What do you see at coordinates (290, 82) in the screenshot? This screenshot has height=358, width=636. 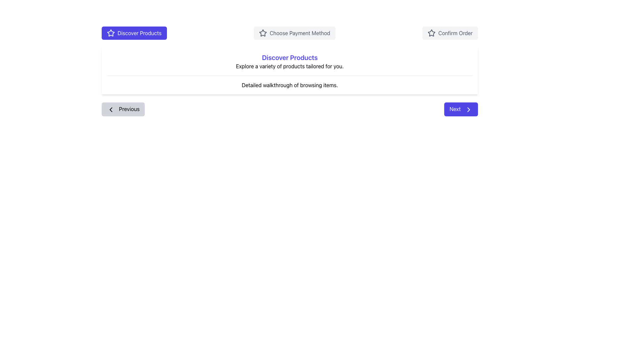 I see `the descriptive text display located below the 'Explore a variety of products tailored for you.' text, which provides guidance or context for the section` at bounding box center [290, 82].